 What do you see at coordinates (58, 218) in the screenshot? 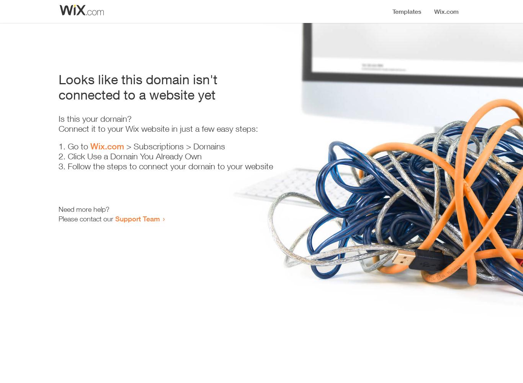
I see `'Please contact our'` at bounding box center [58, 218].